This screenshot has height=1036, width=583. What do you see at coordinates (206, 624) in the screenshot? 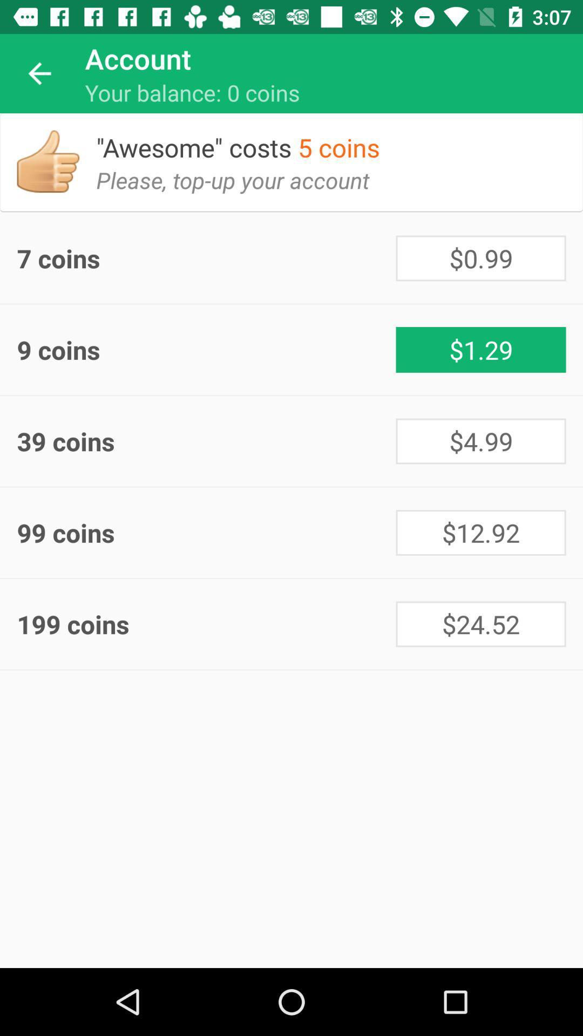
I see `199 coins` at bounding box center [206, 624].